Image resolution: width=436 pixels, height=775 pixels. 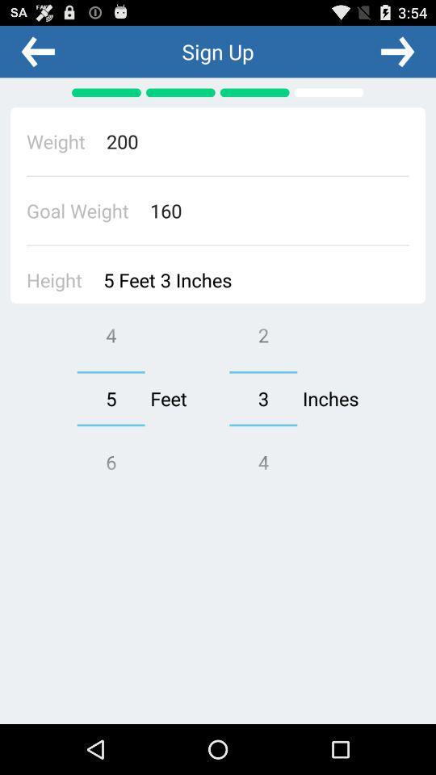 What do you see at coordinates (38, 51) in the screenshot?
I see `go back` at bounding box center [38, 51].